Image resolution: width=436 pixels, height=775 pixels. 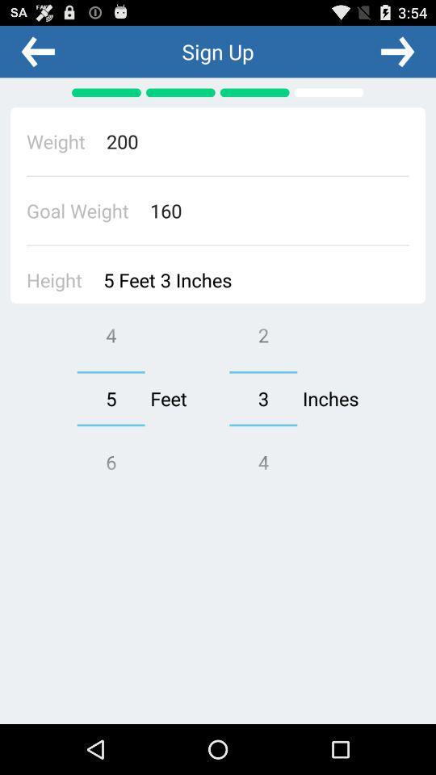 What do you see at coordinates (38, 51) in the screenshot?
I see `go back` at bounding box center [38, 51].